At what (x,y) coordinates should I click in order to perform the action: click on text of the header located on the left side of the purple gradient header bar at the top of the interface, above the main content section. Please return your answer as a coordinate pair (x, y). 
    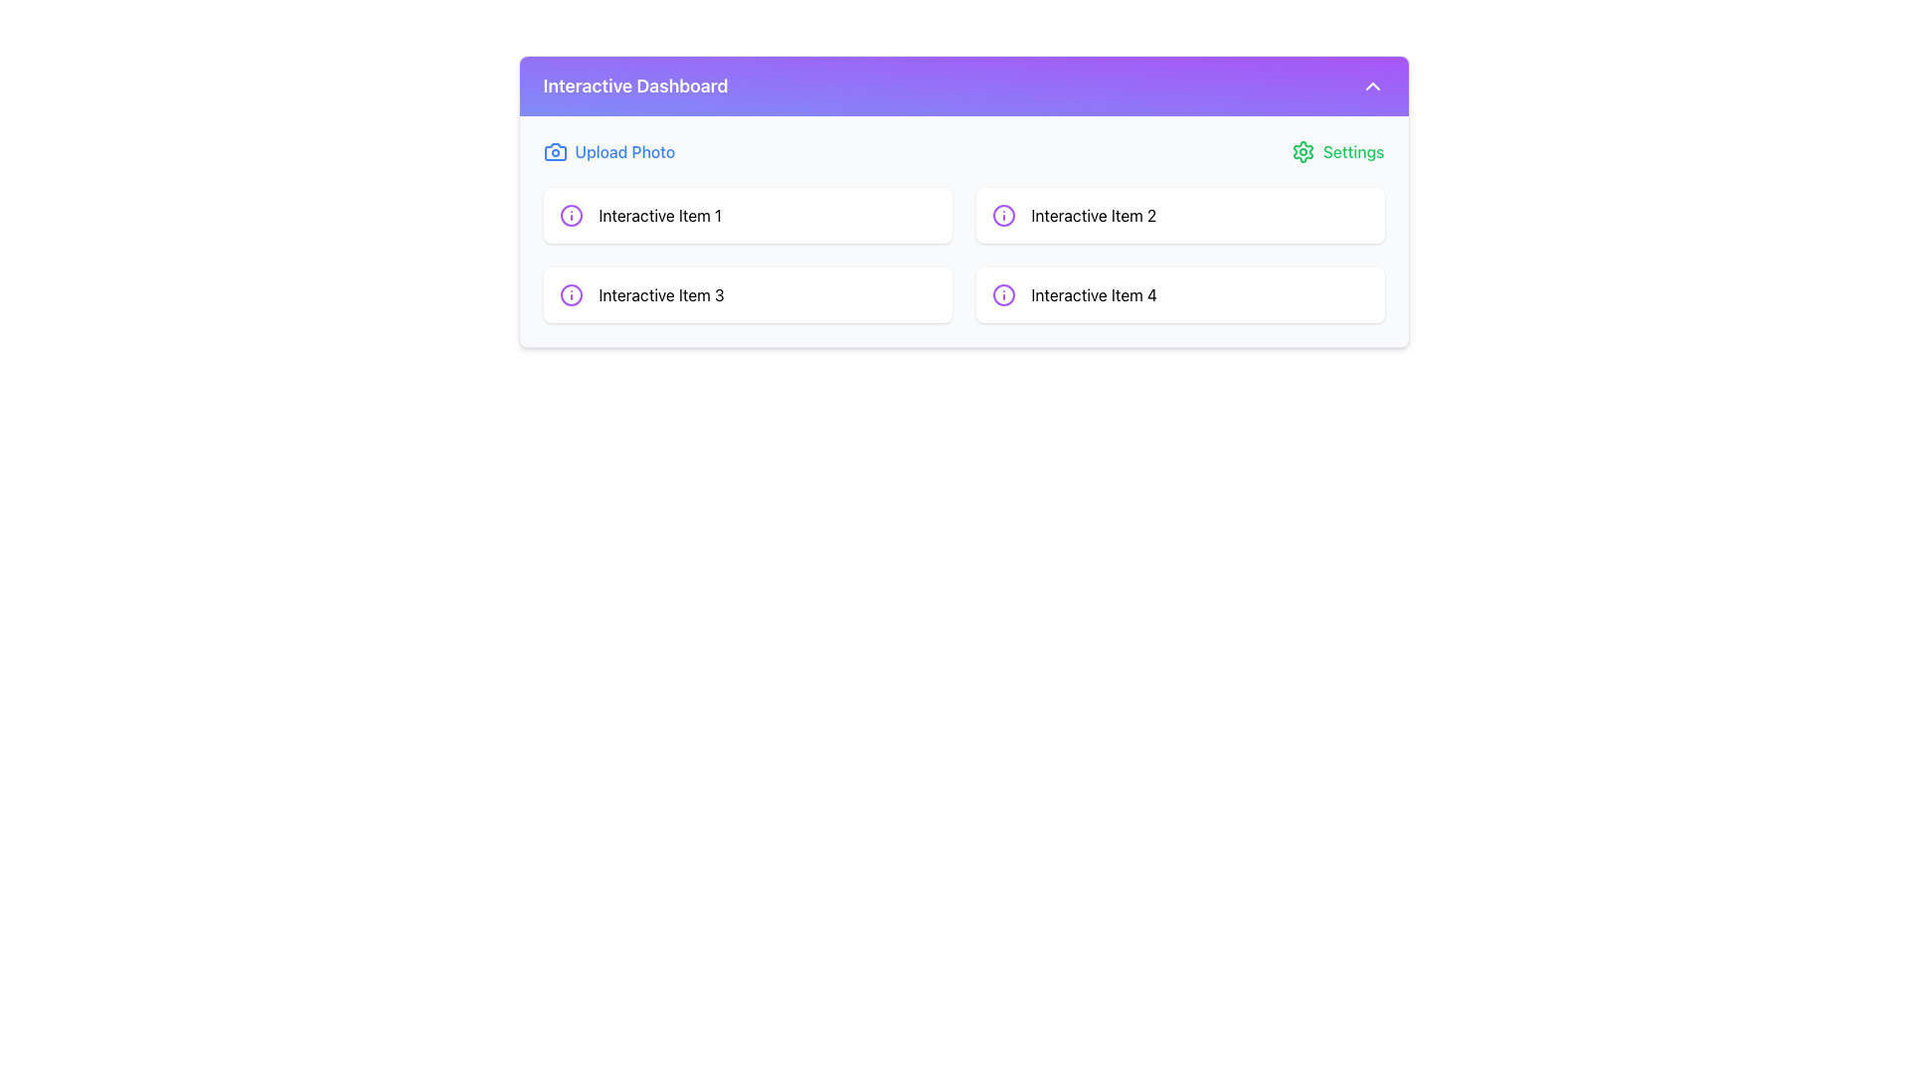
    Looking at the image, I should click on (634, 86).